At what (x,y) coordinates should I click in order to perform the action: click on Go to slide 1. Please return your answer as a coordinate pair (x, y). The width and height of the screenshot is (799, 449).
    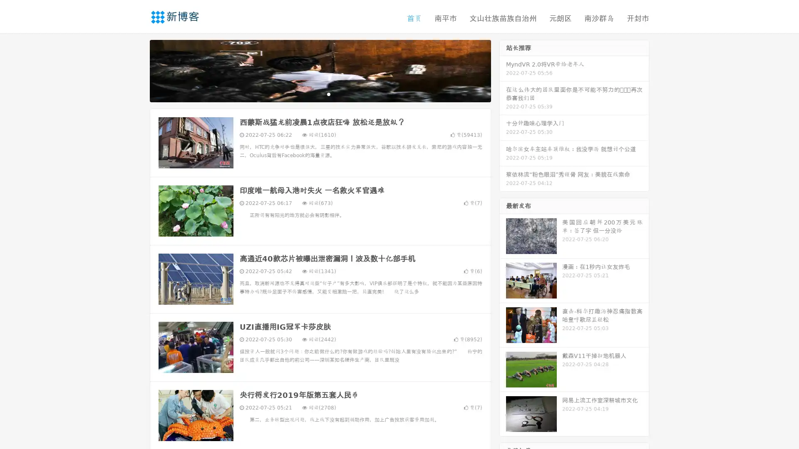
    Looking at the image, I should click on (311, 94).